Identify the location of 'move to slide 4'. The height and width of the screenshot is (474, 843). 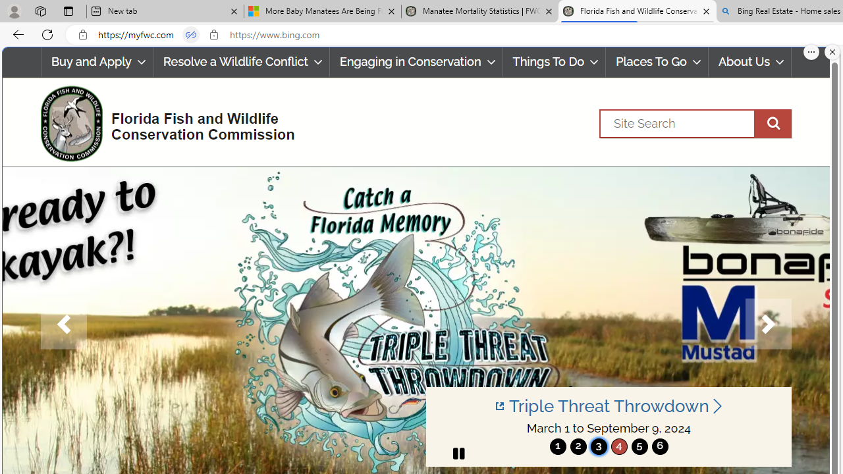
(618, 446).